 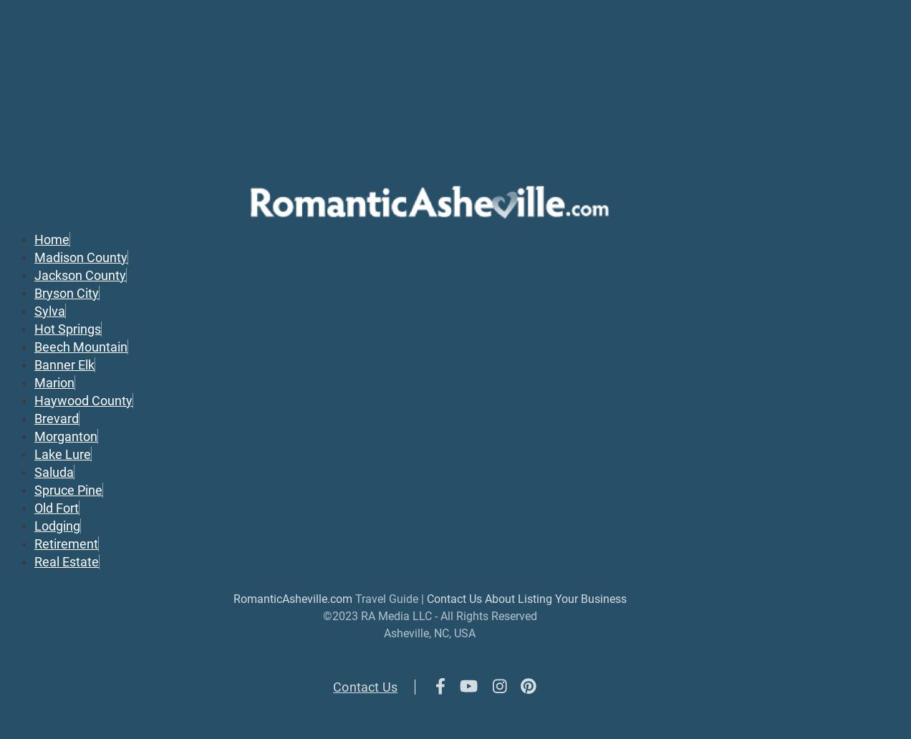 What do you see at coordinates (68, 488) in the screenshot?
I see `'Spruce Pine'` at bounding box center [68, 488].